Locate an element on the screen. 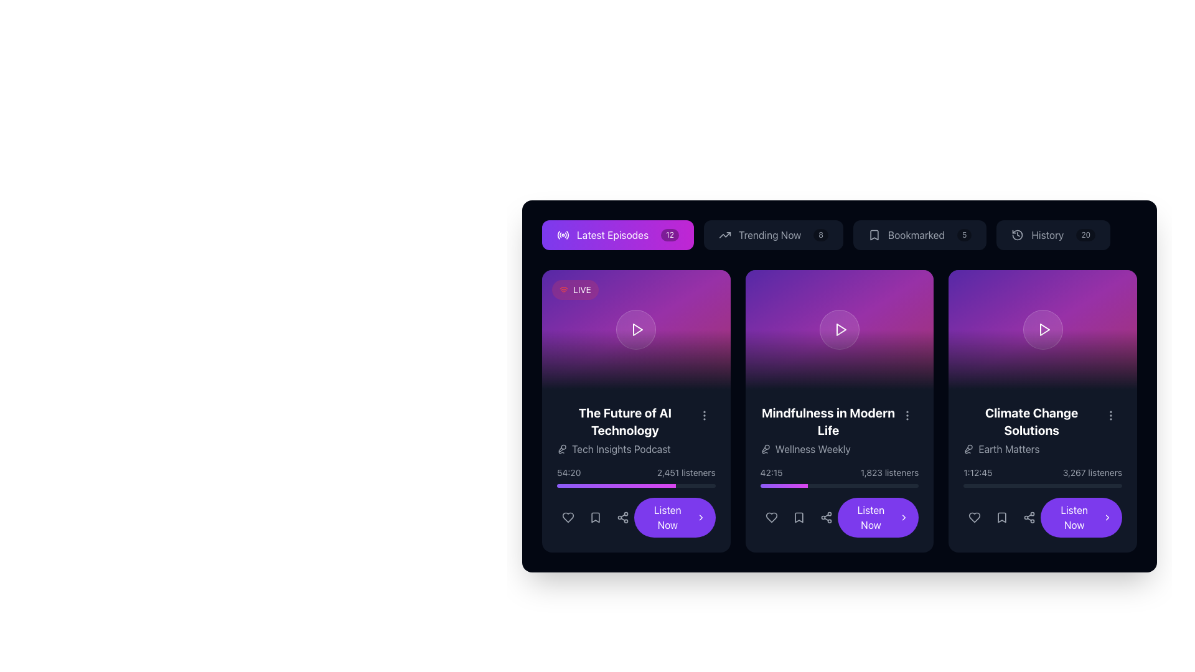  the text label that displays 'Climate Change Solutions' and 'Earth Matters', which is located at the top of the third card in a horizontal row within a grid layout is located at coordinates (1031, 429).